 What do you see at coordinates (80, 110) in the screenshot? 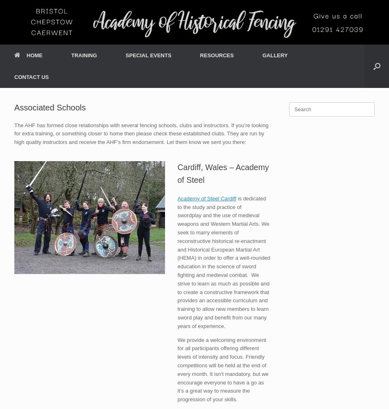
I see `'LOCATIONS'` at bounding box center [80, 110].